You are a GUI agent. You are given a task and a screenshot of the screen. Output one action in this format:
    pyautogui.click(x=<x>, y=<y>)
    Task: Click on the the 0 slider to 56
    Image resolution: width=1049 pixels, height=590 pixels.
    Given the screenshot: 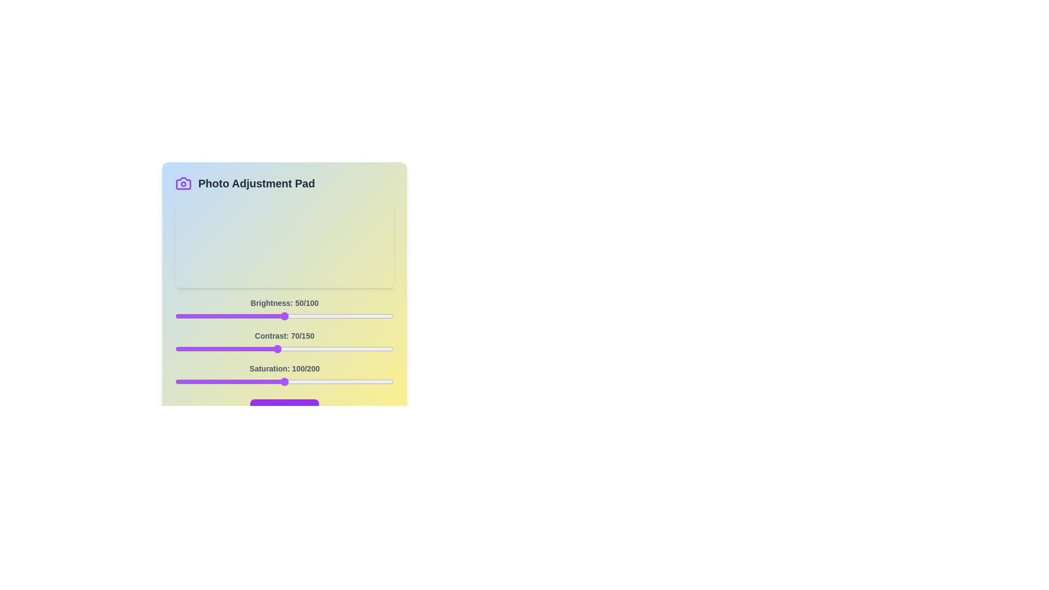 What is the action you would take?
    pyautogui.click(x=298, y=316)
    